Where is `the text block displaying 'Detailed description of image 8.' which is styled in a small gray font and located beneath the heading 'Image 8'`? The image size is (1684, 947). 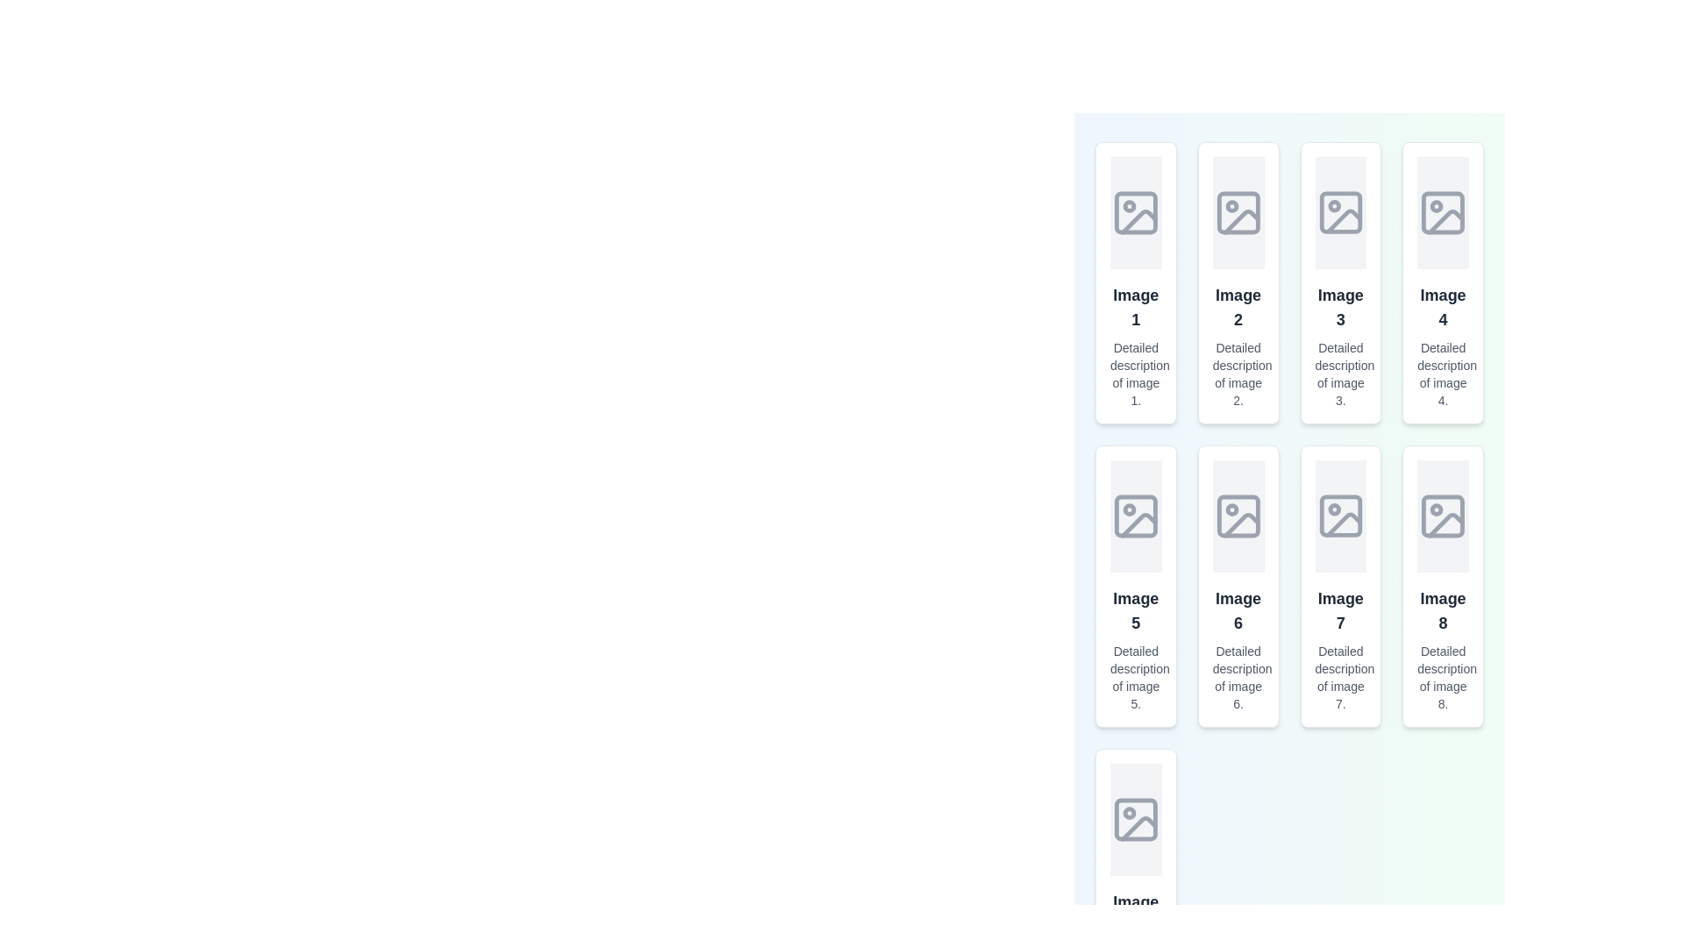
the text block displaying 'Detailed description of image 8.' which is styled in a small gray font and located beneath the heading 'Image 8' is located at coordinates (1443, 676).